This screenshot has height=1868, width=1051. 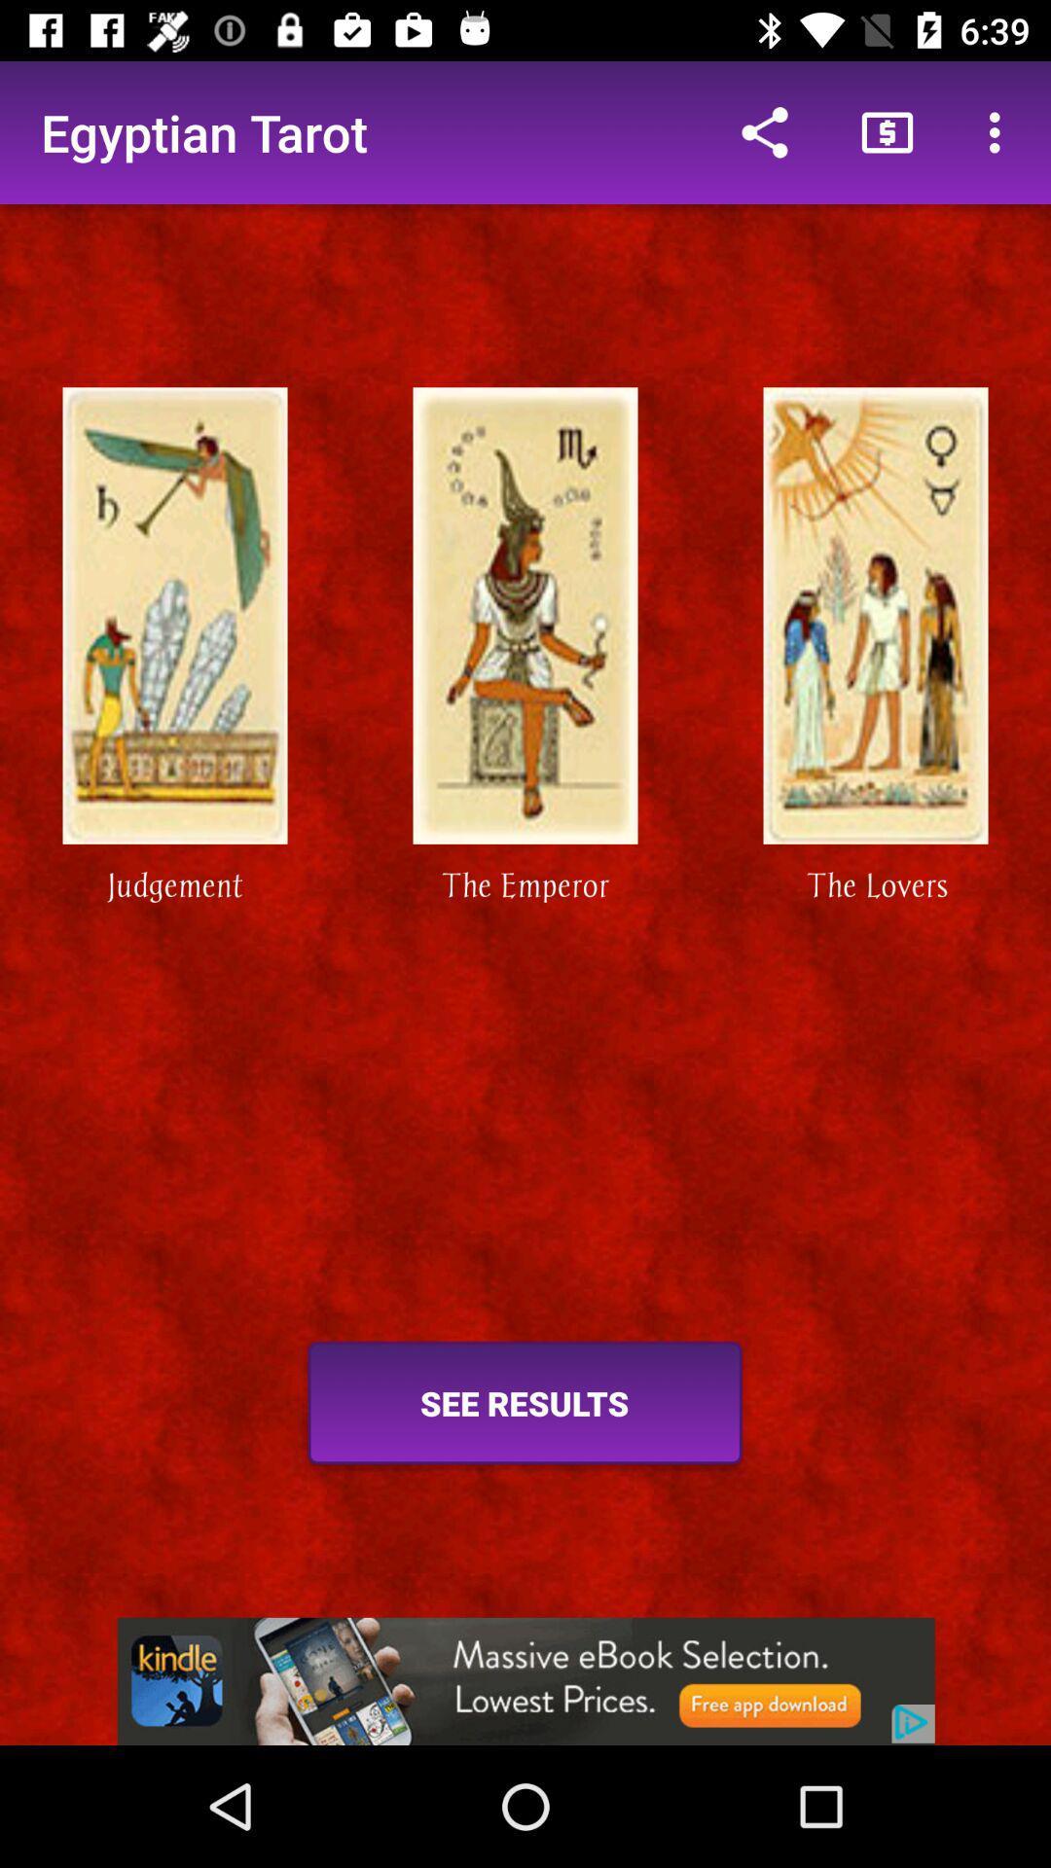 What do you see at coordinates (525, 1680) in the screenshot?
I see `advertisement link` at bounding box center [525, 1680].